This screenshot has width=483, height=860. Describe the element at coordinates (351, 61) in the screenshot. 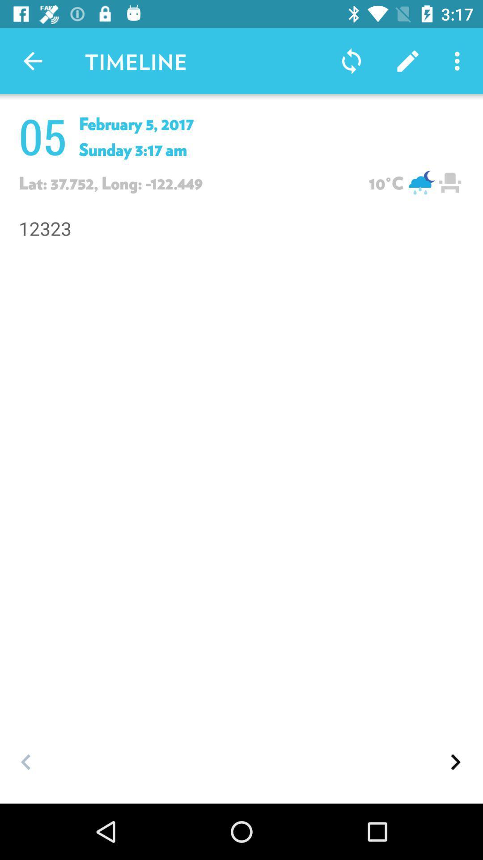

I see `the sync on the right side hand` at that location.